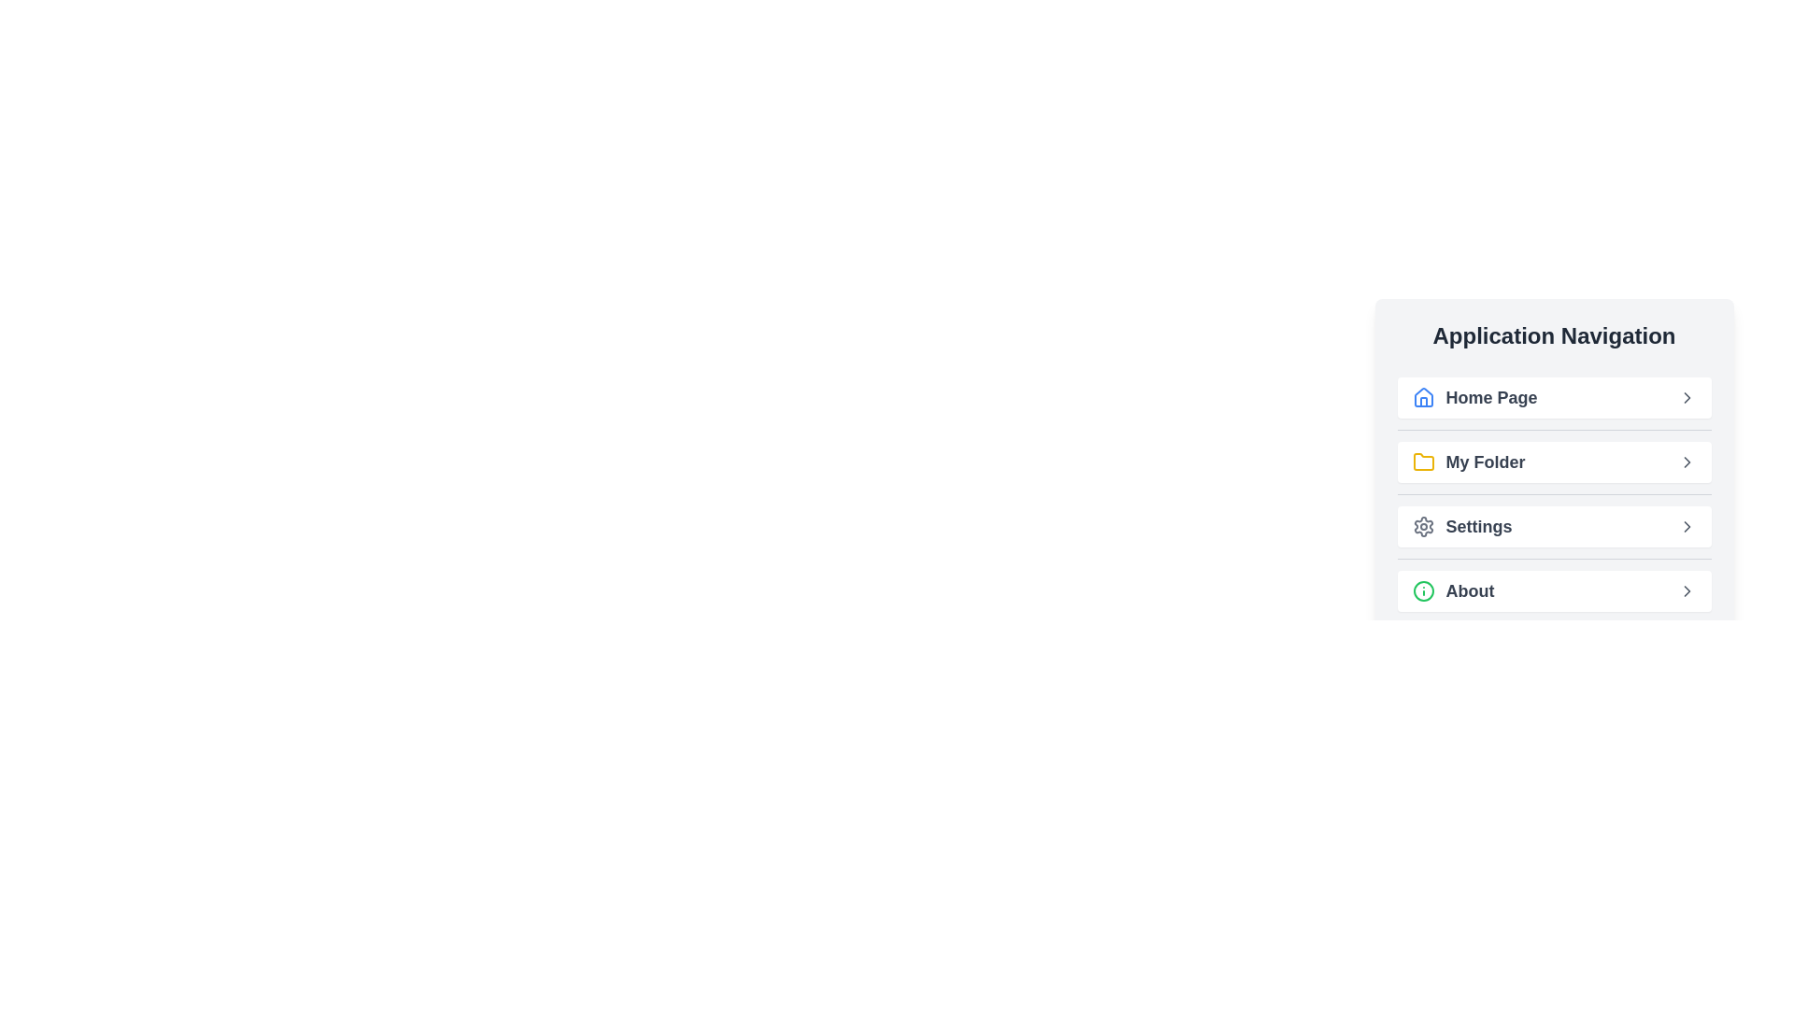 Image resolution: width=1794 pixels, height=1009 pixels. What do you see at coordinates (1687, 462) in the screenshot?
I see `the chevron icon located to the far right of the 'My Folder' list item in the 'Application Navigation' panel, which signifies forward navigation or submenu access` at bounding box center [1687, 462].